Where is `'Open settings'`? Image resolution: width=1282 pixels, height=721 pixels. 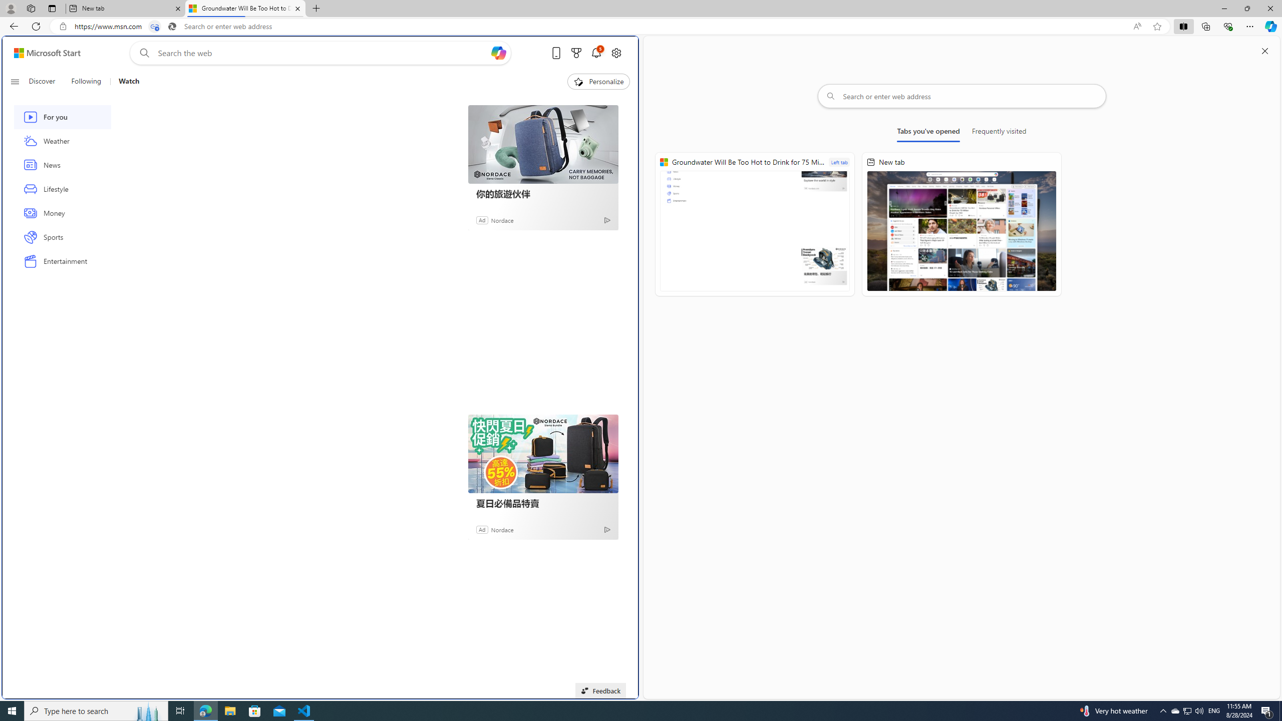 'Open settings' is located at coordinates (616, 53).